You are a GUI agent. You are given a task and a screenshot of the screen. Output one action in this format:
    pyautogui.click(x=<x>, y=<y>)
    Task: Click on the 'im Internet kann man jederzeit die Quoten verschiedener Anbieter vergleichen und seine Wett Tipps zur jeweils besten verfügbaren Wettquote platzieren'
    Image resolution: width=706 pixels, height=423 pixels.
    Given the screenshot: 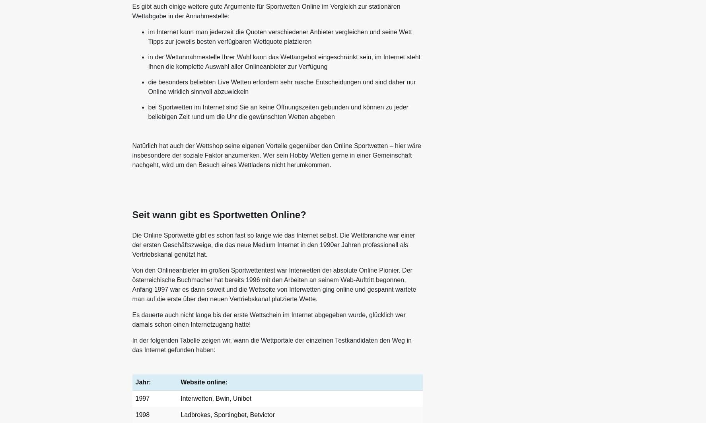 What is the action you would take?
    pyautogui.click(x=279, y=37)
    